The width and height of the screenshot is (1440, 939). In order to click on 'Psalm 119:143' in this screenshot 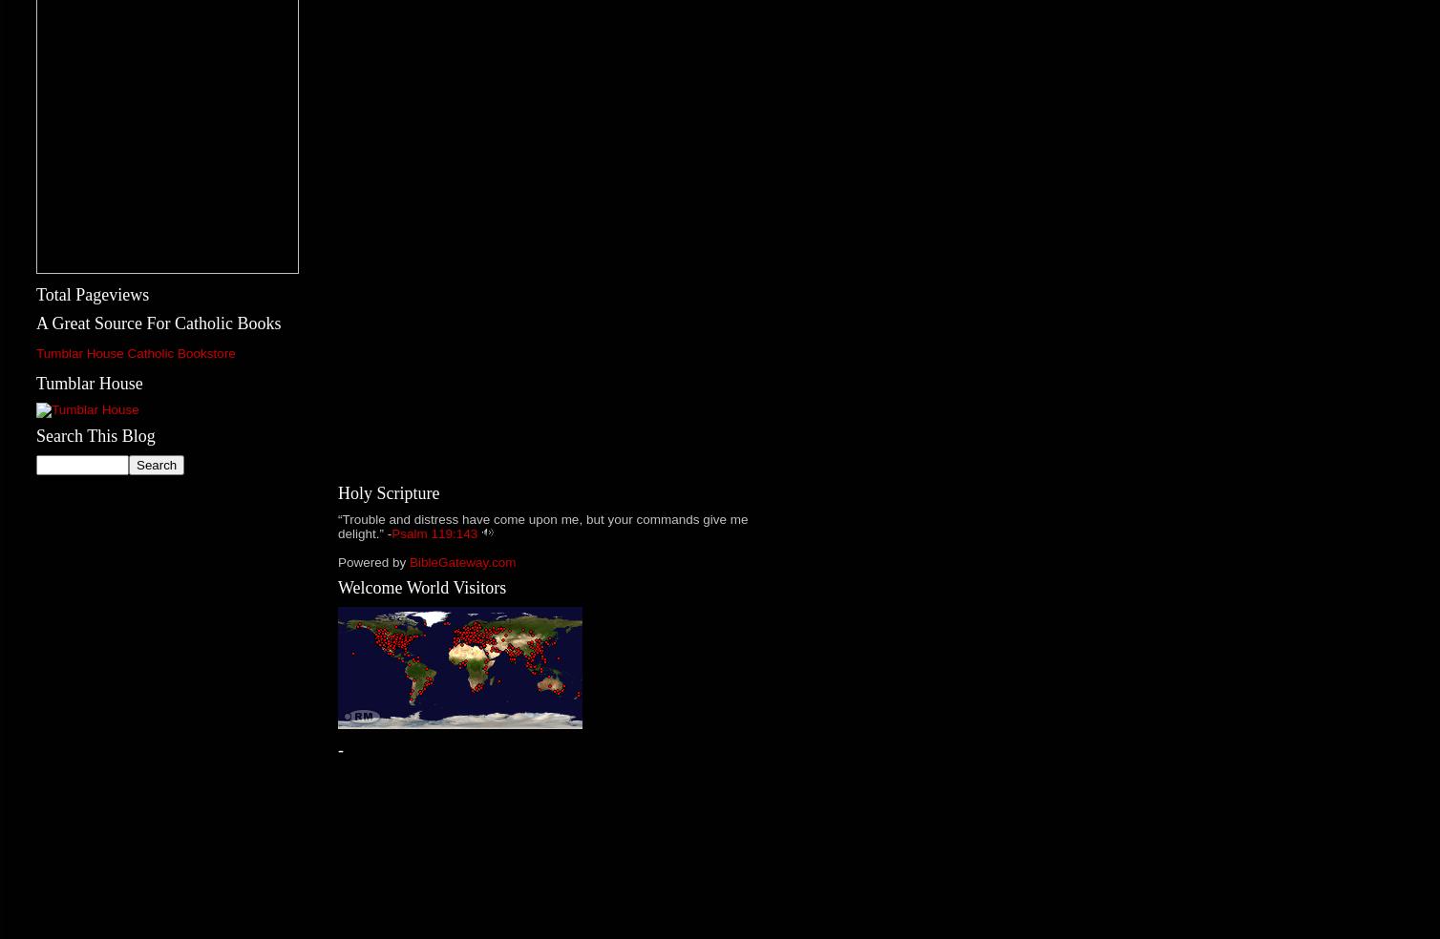, I will do `click(434, 532)`.